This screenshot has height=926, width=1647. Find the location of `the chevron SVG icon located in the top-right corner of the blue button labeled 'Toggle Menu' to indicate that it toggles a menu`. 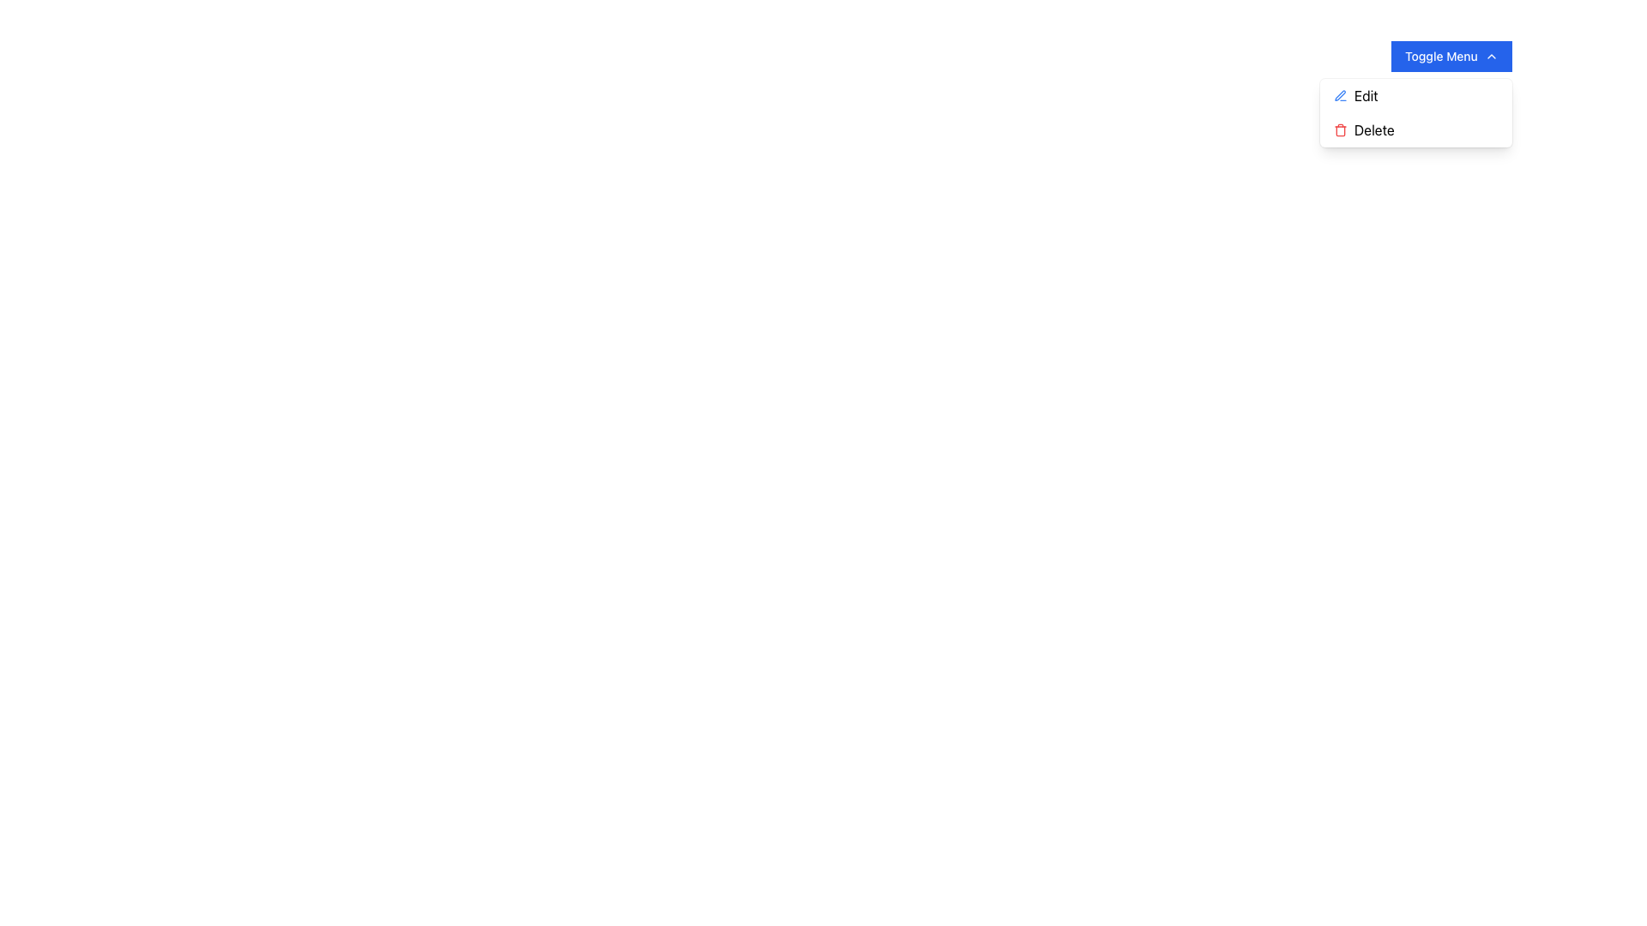

the chevron SVG icon located in the top-right corner of the blue button labeled 'Toggle Menu' to indicate that it toggles a menu is located at coordinates (1490, 55).